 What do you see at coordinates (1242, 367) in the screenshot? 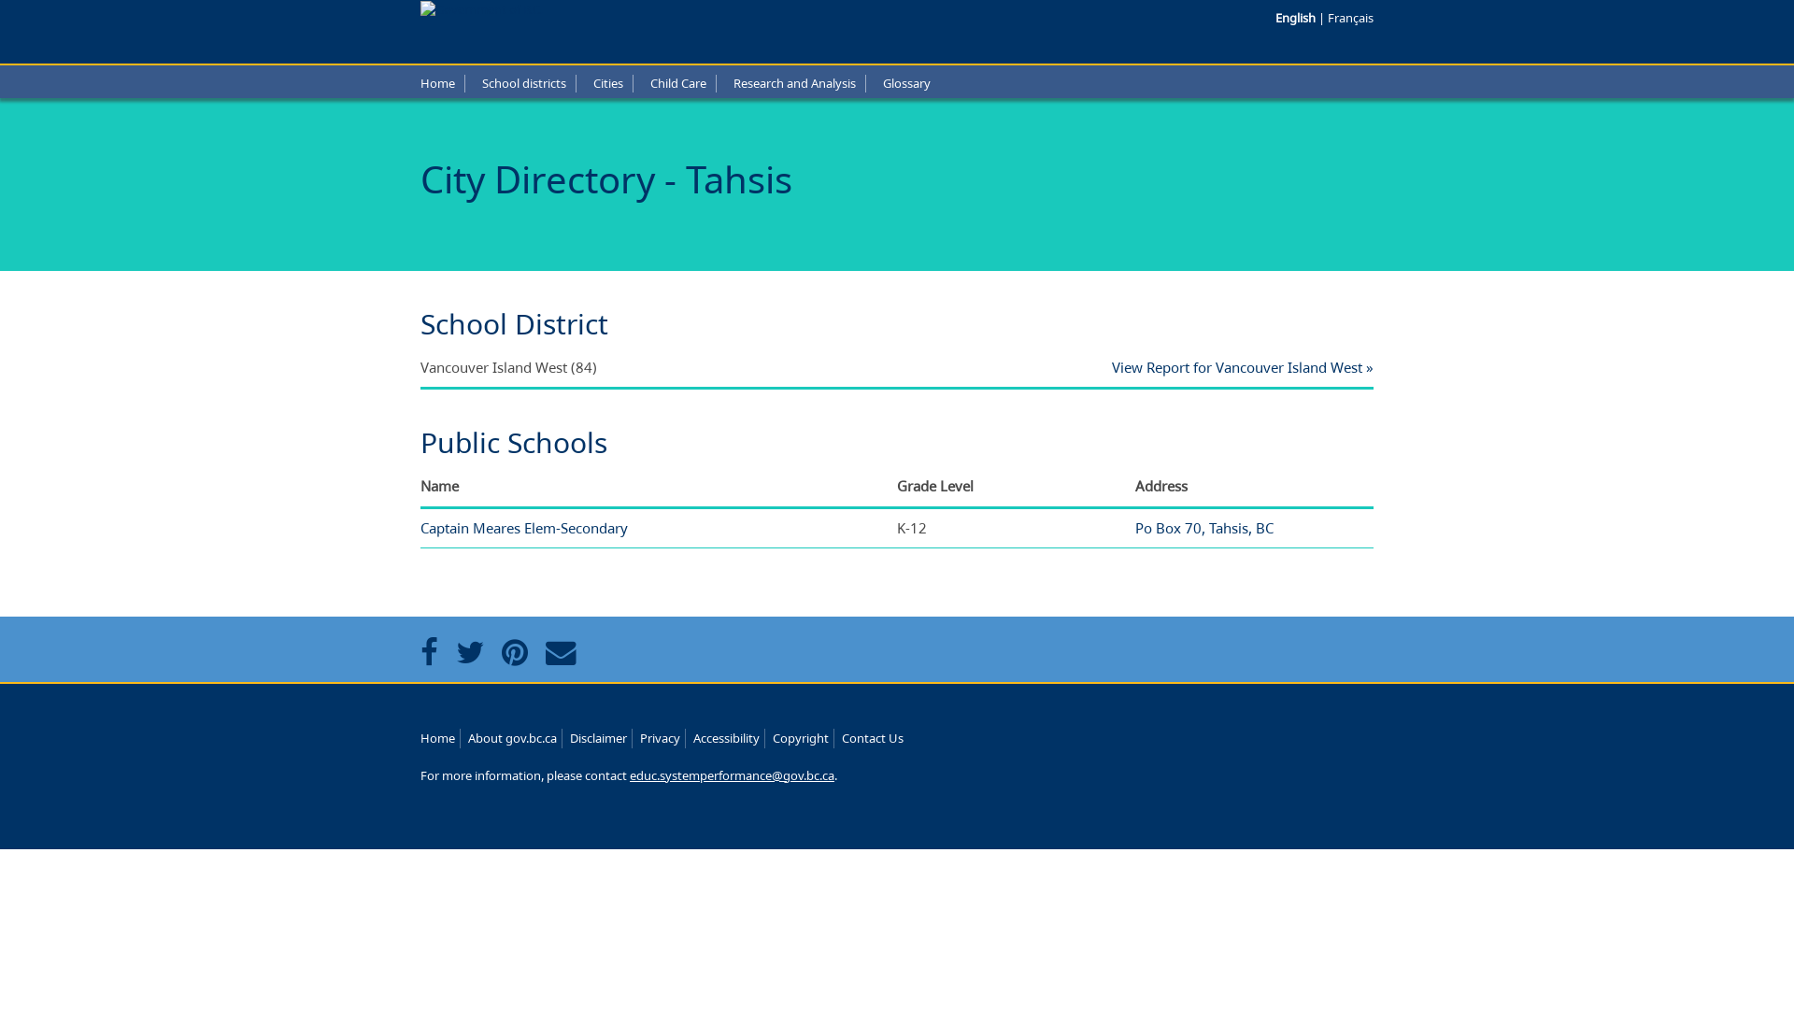
I see `'View Report for Vancouver Island West'` at bounding box center [1242, 367].